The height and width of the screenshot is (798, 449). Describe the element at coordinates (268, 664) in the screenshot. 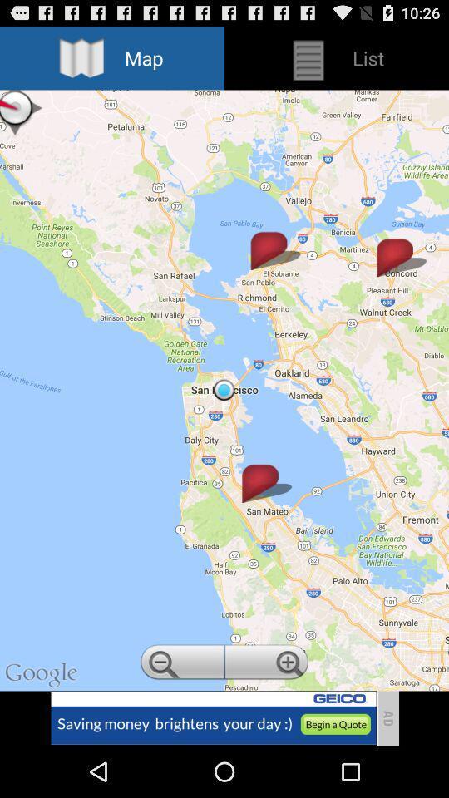

I see `zoom in` at that location.